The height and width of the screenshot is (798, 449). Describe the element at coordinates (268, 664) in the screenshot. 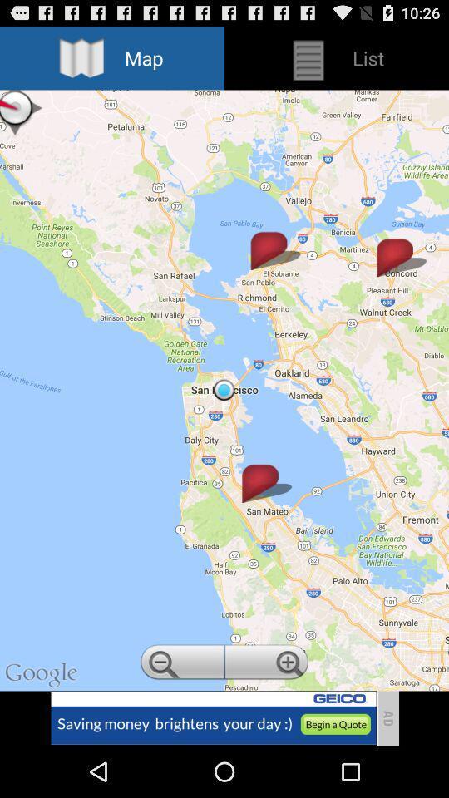

I see `zoom in` at that location.